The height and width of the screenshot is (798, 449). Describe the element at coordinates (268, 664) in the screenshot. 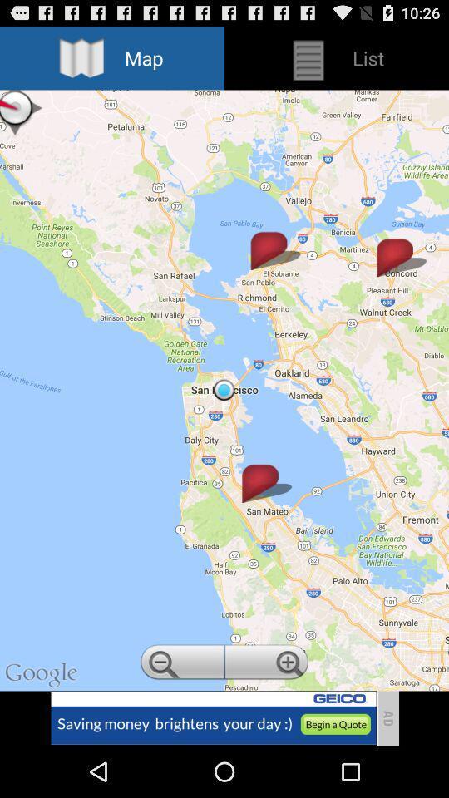

I see `zoom in` at that location.